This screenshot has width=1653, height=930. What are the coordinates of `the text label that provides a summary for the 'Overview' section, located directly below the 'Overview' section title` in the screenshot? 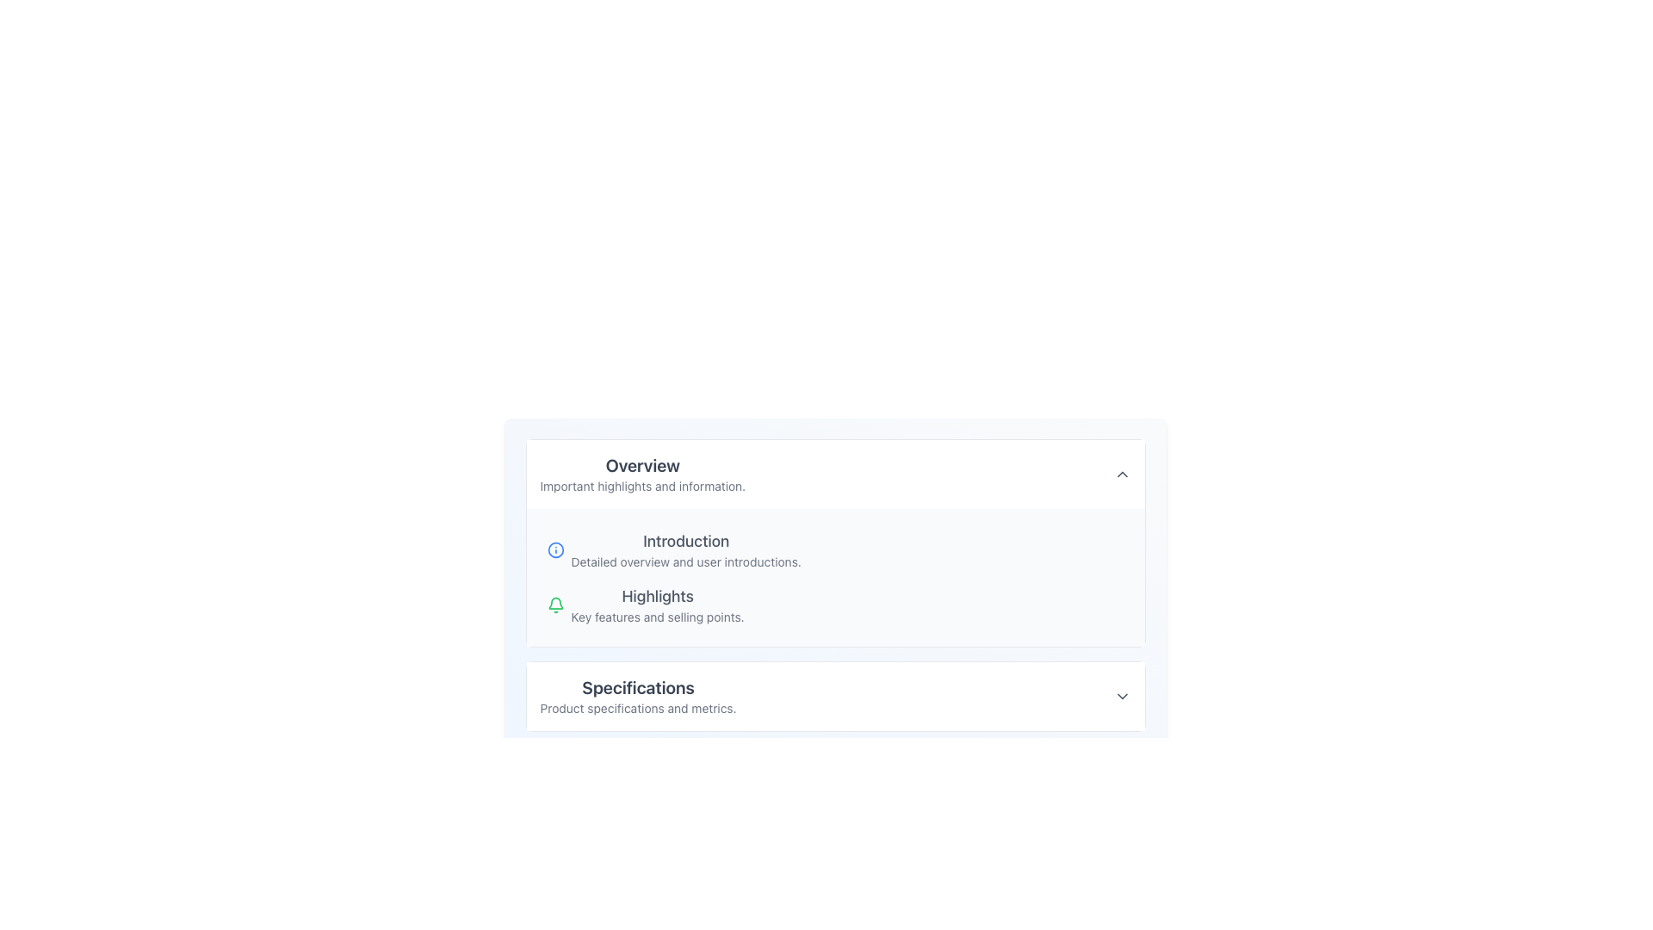 It's located at (641, 486).